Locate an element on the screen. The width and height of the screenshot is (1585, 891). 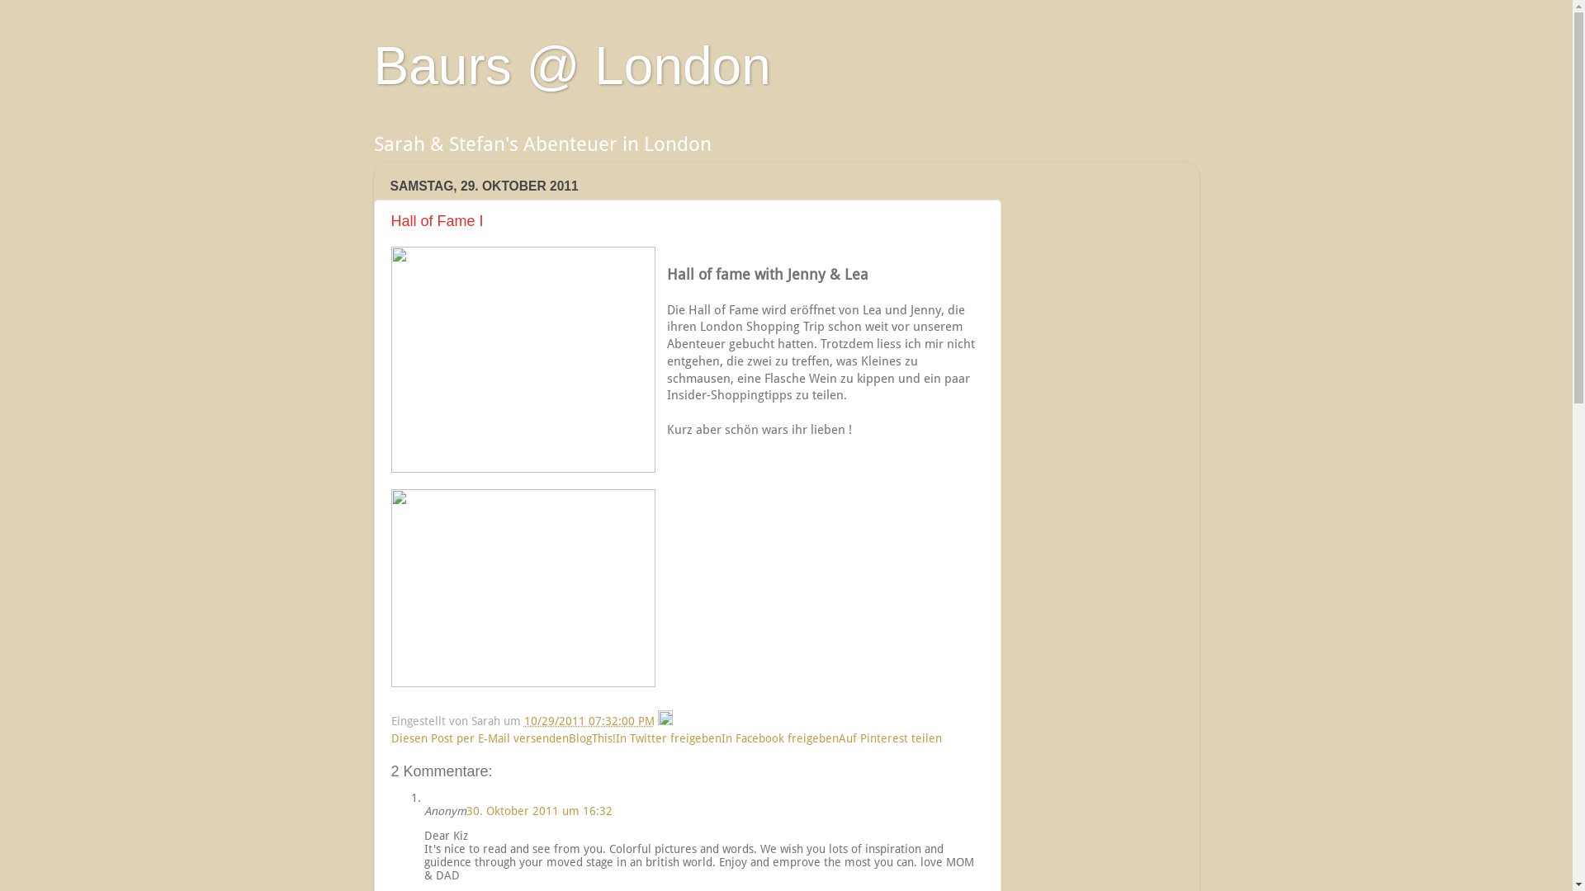
'Baurs @ London' is located at coordinates (571, 65).